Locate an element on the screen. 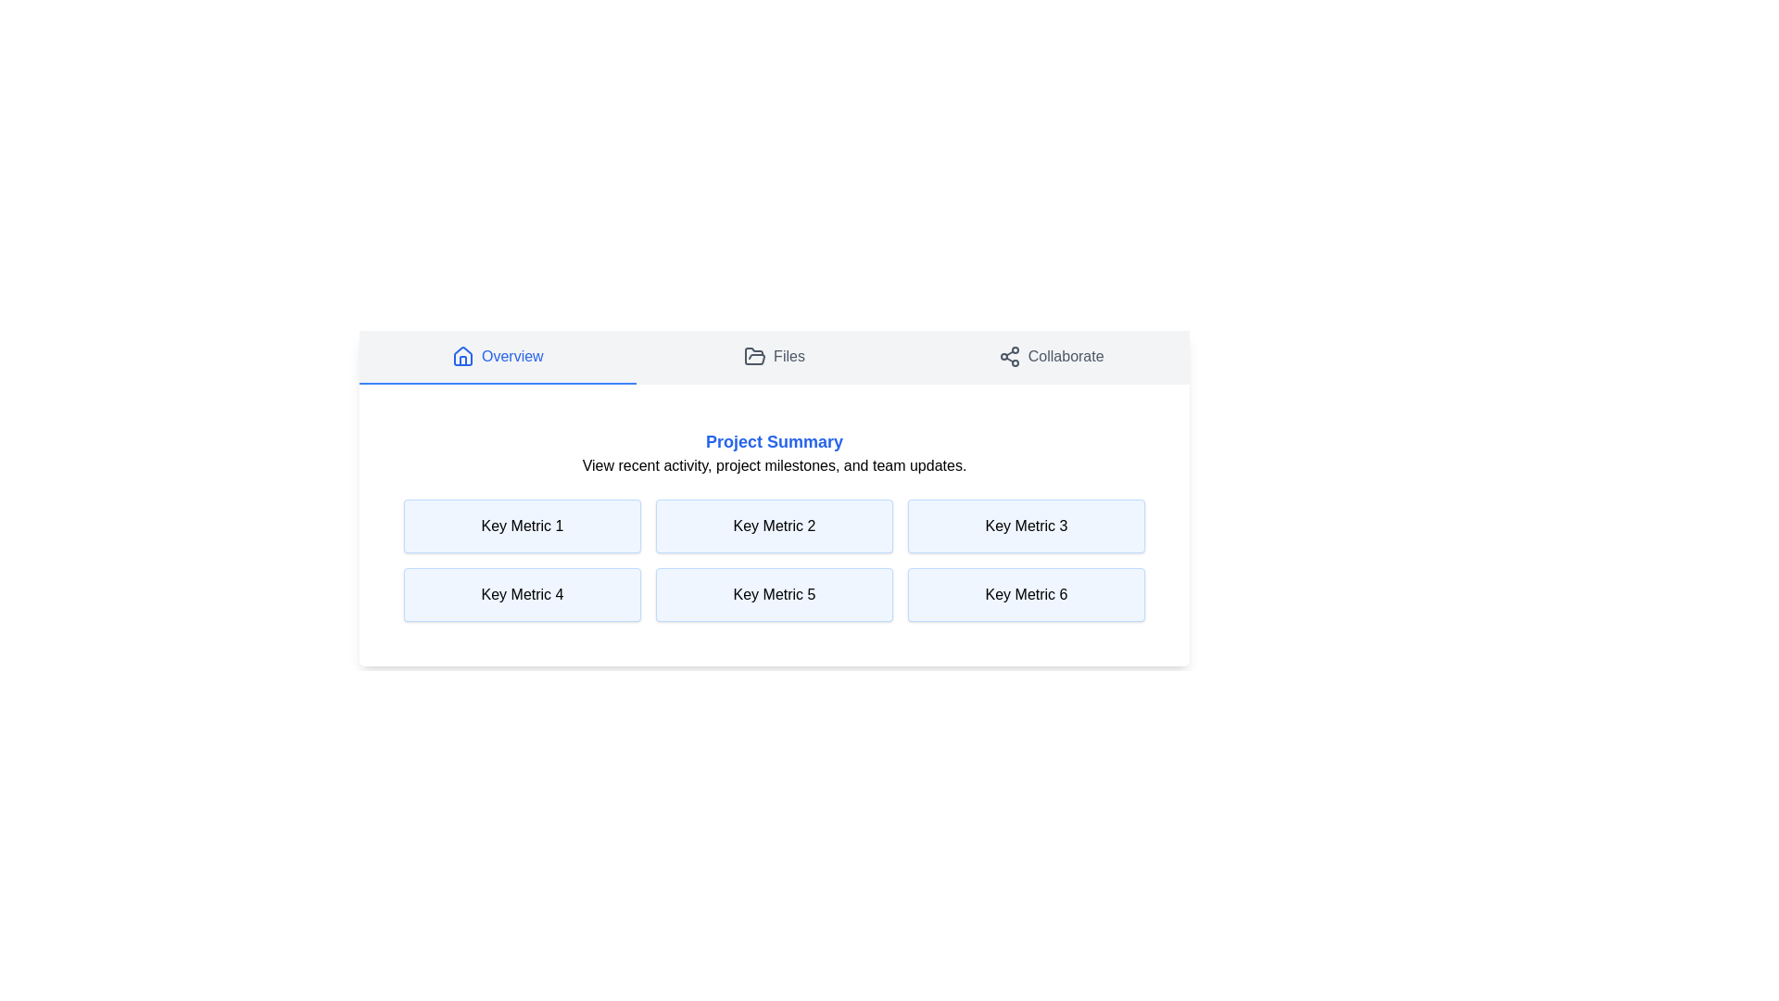 The image size is (1779, 1001). the static content box with a light blue background and bold black text reading 'Key Metric 6', located at the bottom-right corner of the grid layout is located at coordinates (1026, 594).